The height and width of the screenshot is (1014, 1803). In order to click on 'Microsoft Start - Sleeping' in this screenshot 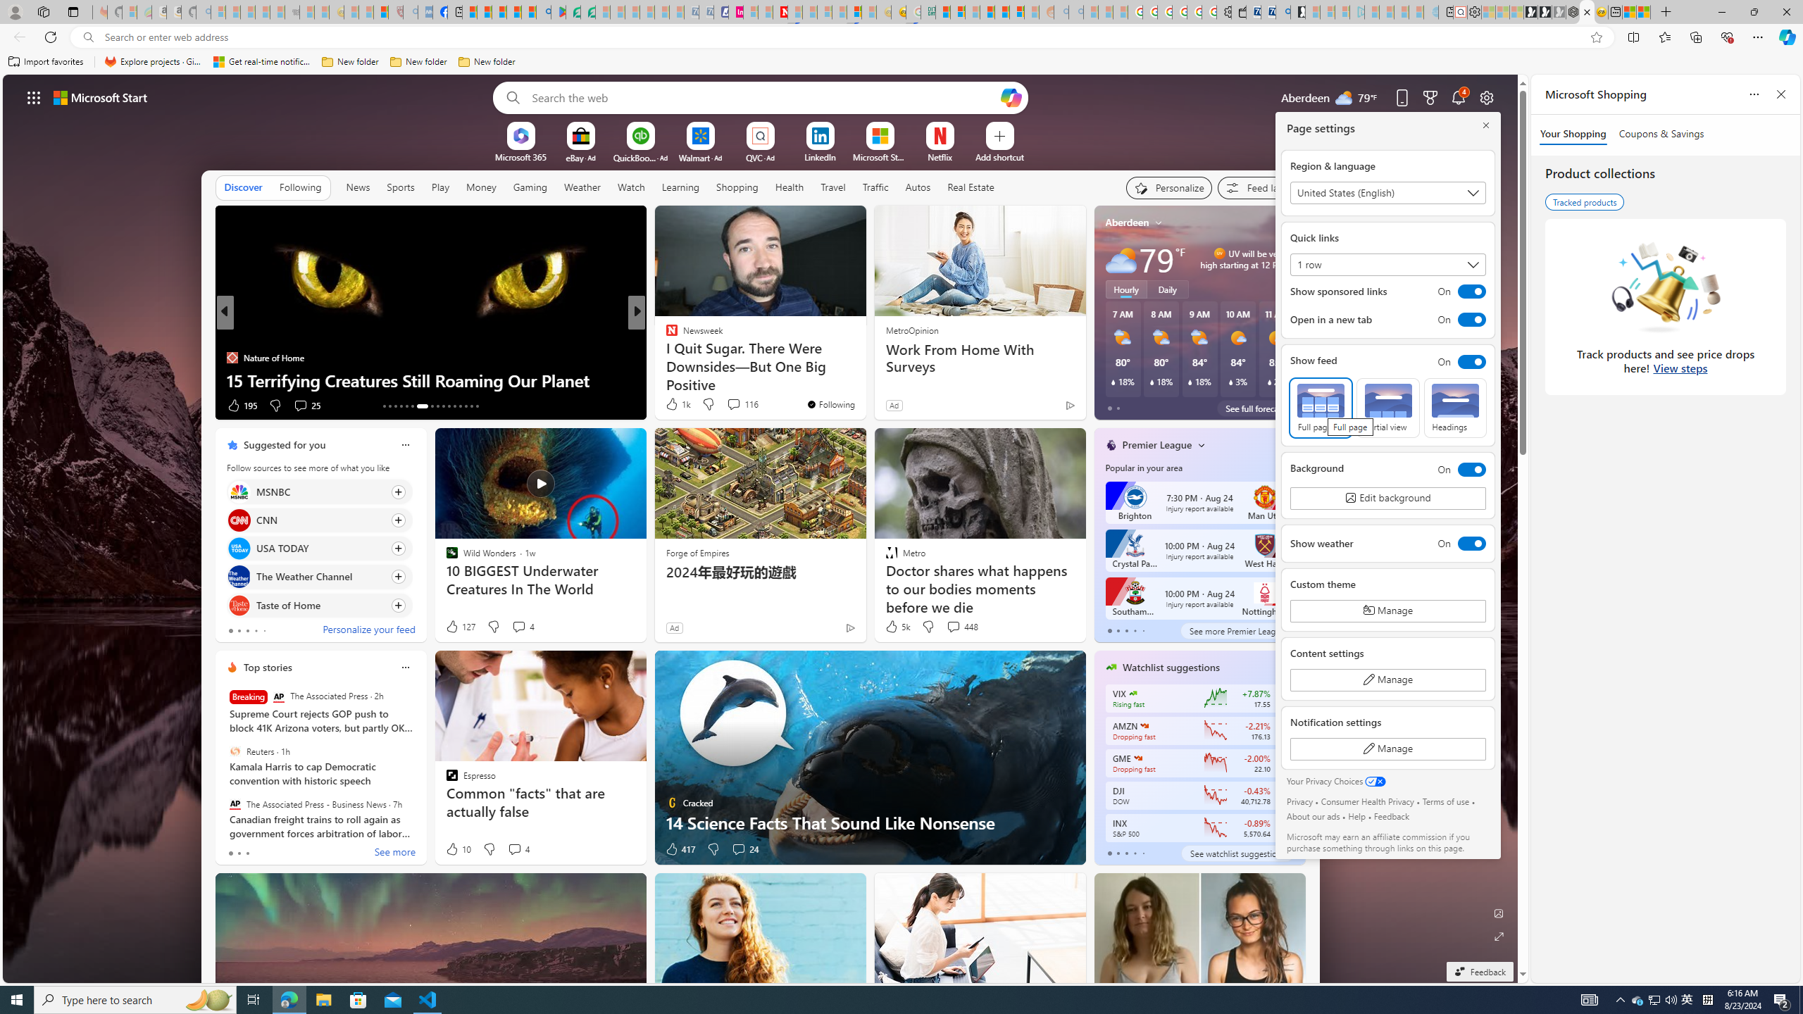, I will do `click(1401, 11)`.